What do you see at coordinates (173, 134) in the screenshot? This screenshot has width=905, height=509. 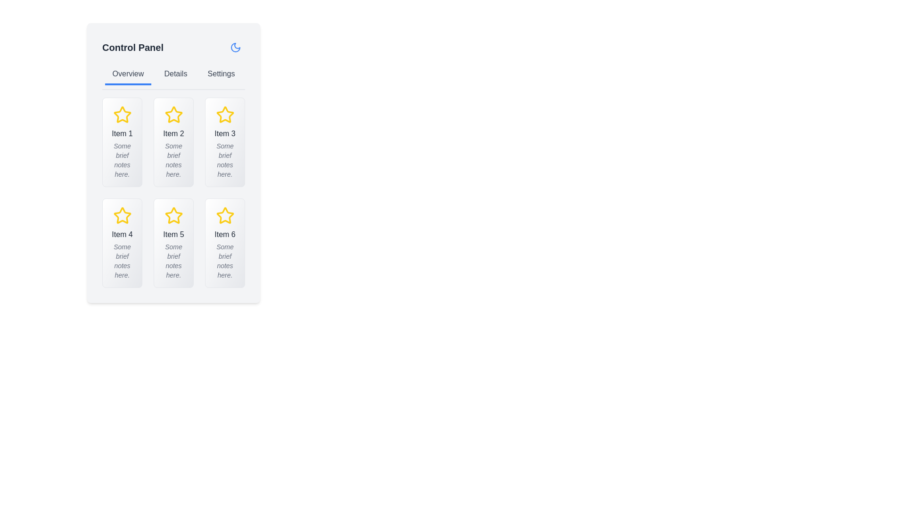 I see `text content of the static label displaying 'Item 2', which is the second text label in a vertically aligned column within a six-card grid, located in the second card of the upper row` at bounding box center [173, 134].